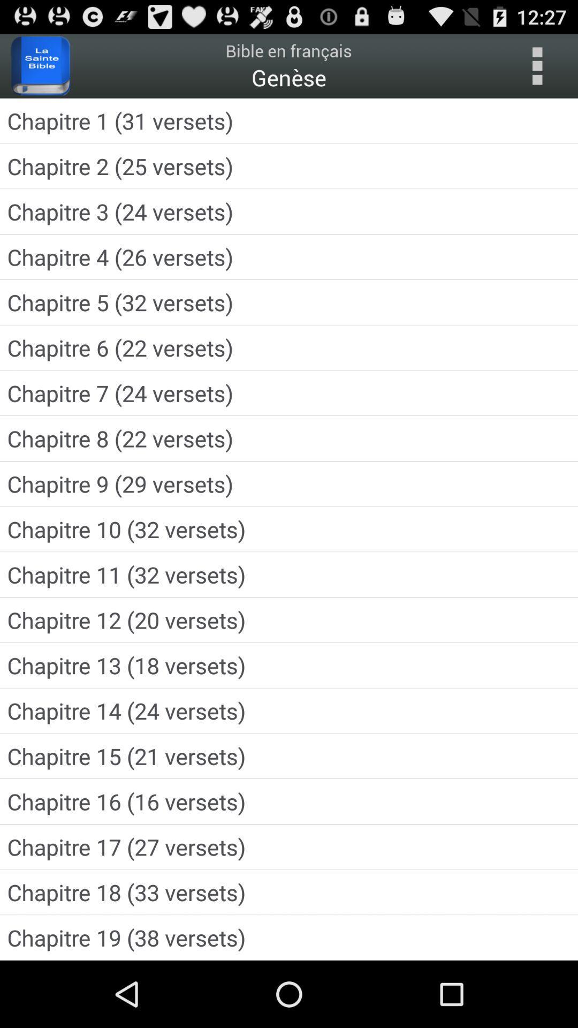 Image resolution: width=578 pixels, height=1028 pixels. Describe the element at coordinates (289, 257) in the screenshot. I see `chapitre 4 26 icon` at that location.